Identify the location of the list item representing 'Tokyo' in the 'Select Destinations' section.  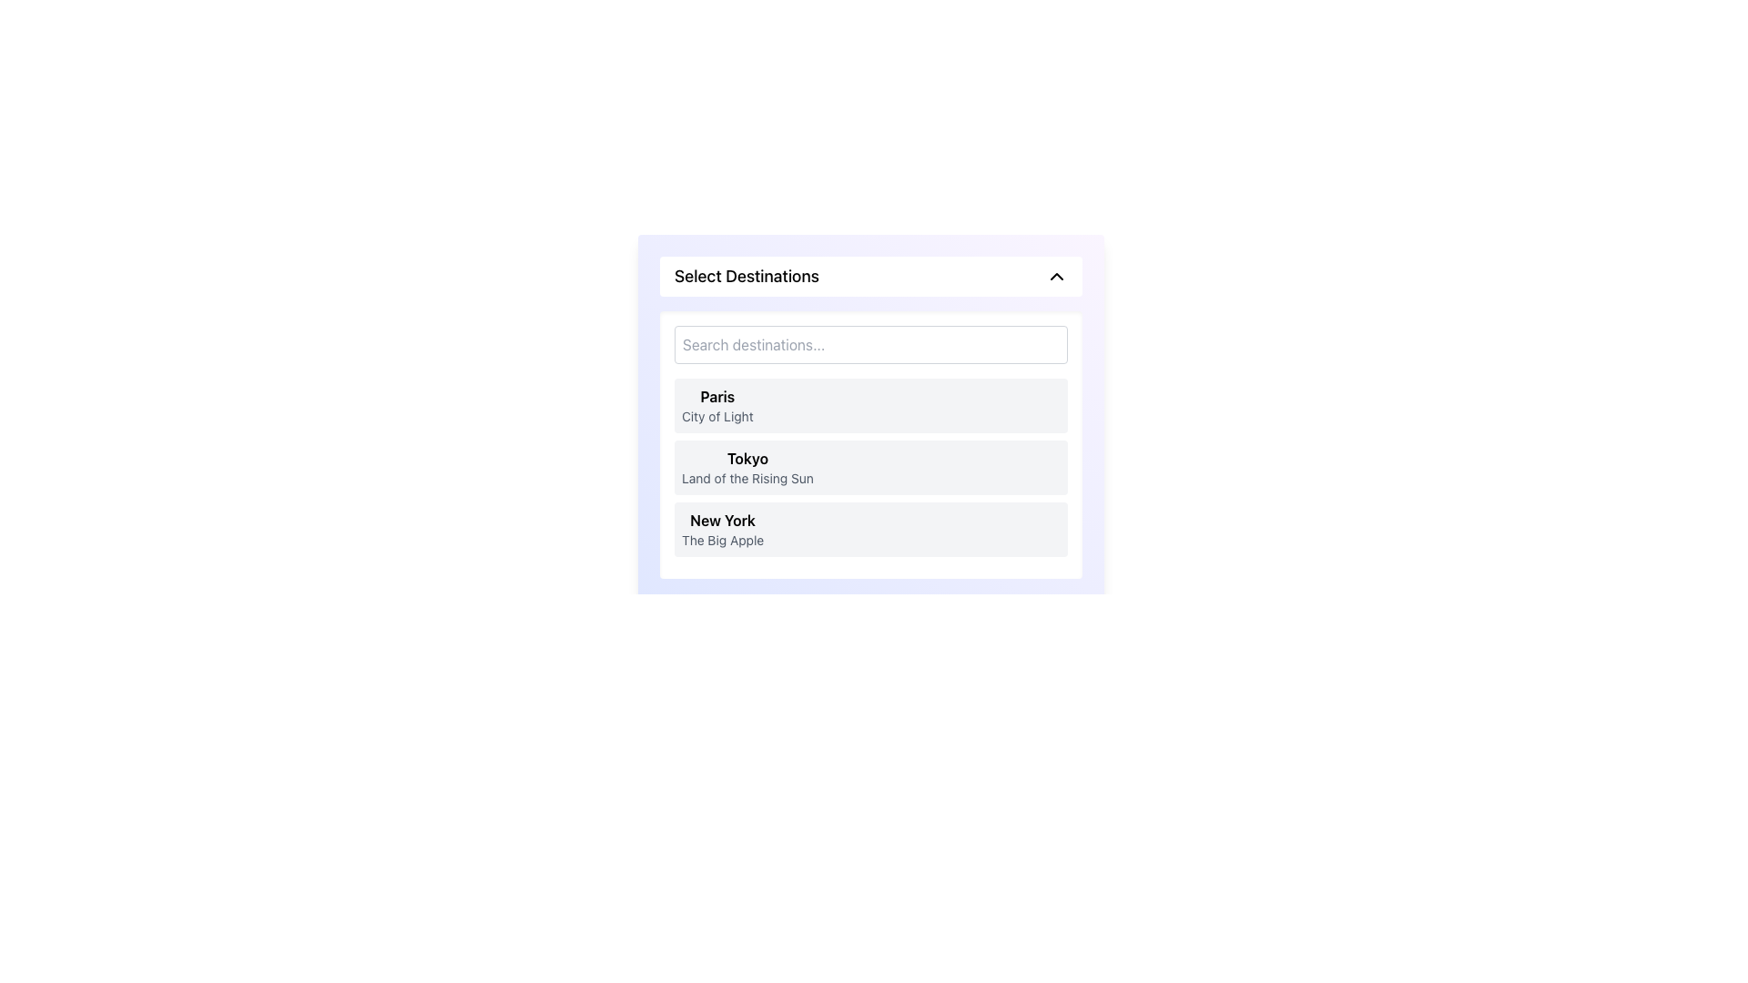
(747, 466).